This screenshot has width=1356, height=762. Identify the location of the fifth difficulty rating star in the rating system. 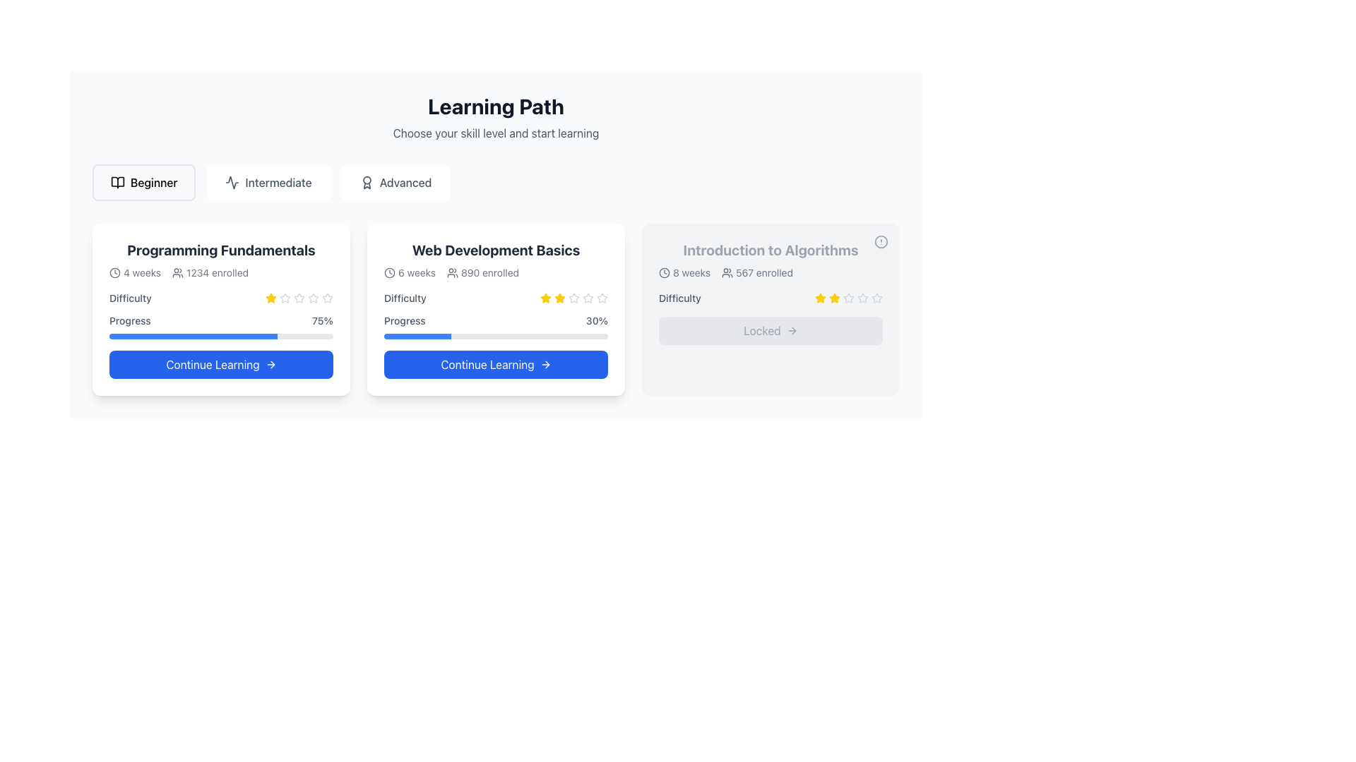
(876, 298).